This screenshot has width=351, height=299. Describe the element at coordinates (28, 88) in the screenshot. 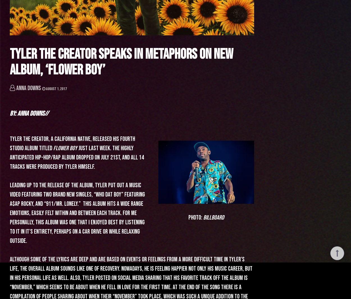

I see `'Anna Downs'` at that location.